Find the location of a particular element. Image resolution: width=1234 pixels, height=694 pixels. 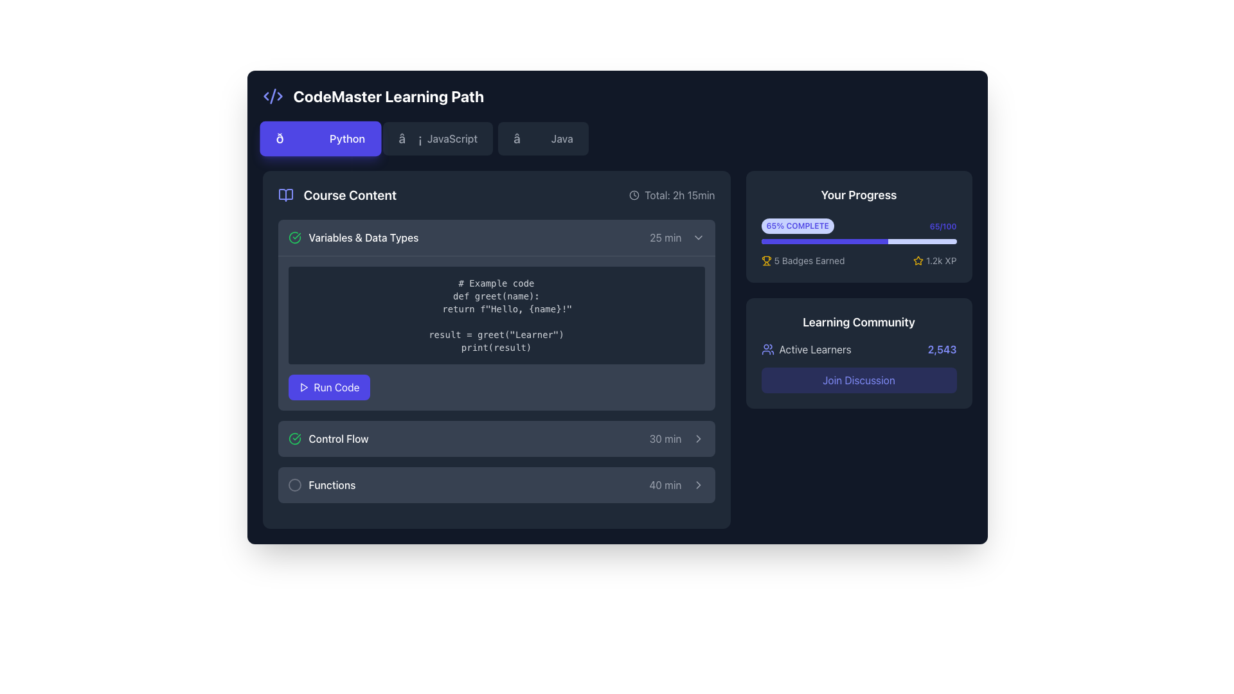

the text label within the navigation button that indicates the JavaScript-related section is located at coordinates (452, 139).